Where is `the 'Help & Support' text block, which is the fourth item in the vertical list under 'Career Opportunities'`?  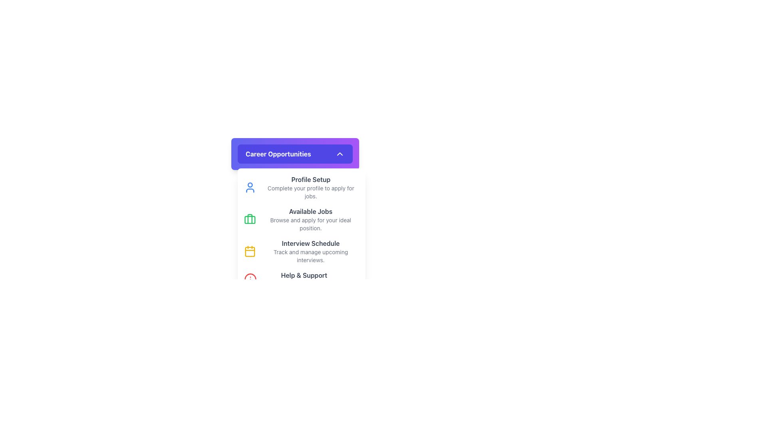 the 'Help & Support' text block, which is the fourth item in the vertical list under 'Career Opportunities' is located at coordinates (304, 279).